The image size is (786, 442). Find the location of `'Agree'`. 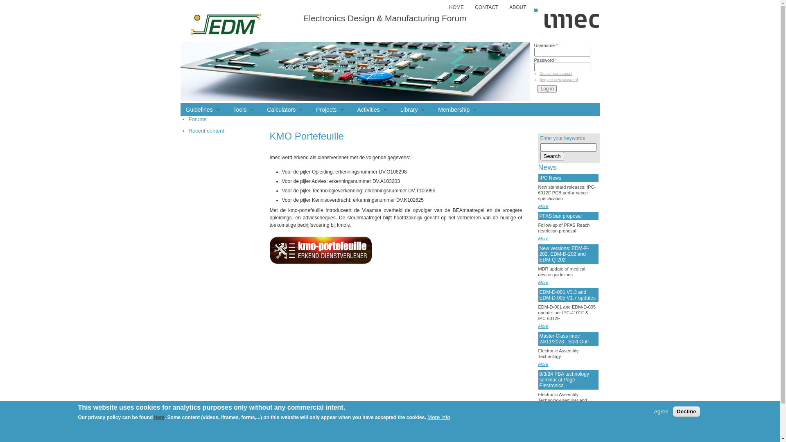

'Agree' is located at coordinates (661, 411).